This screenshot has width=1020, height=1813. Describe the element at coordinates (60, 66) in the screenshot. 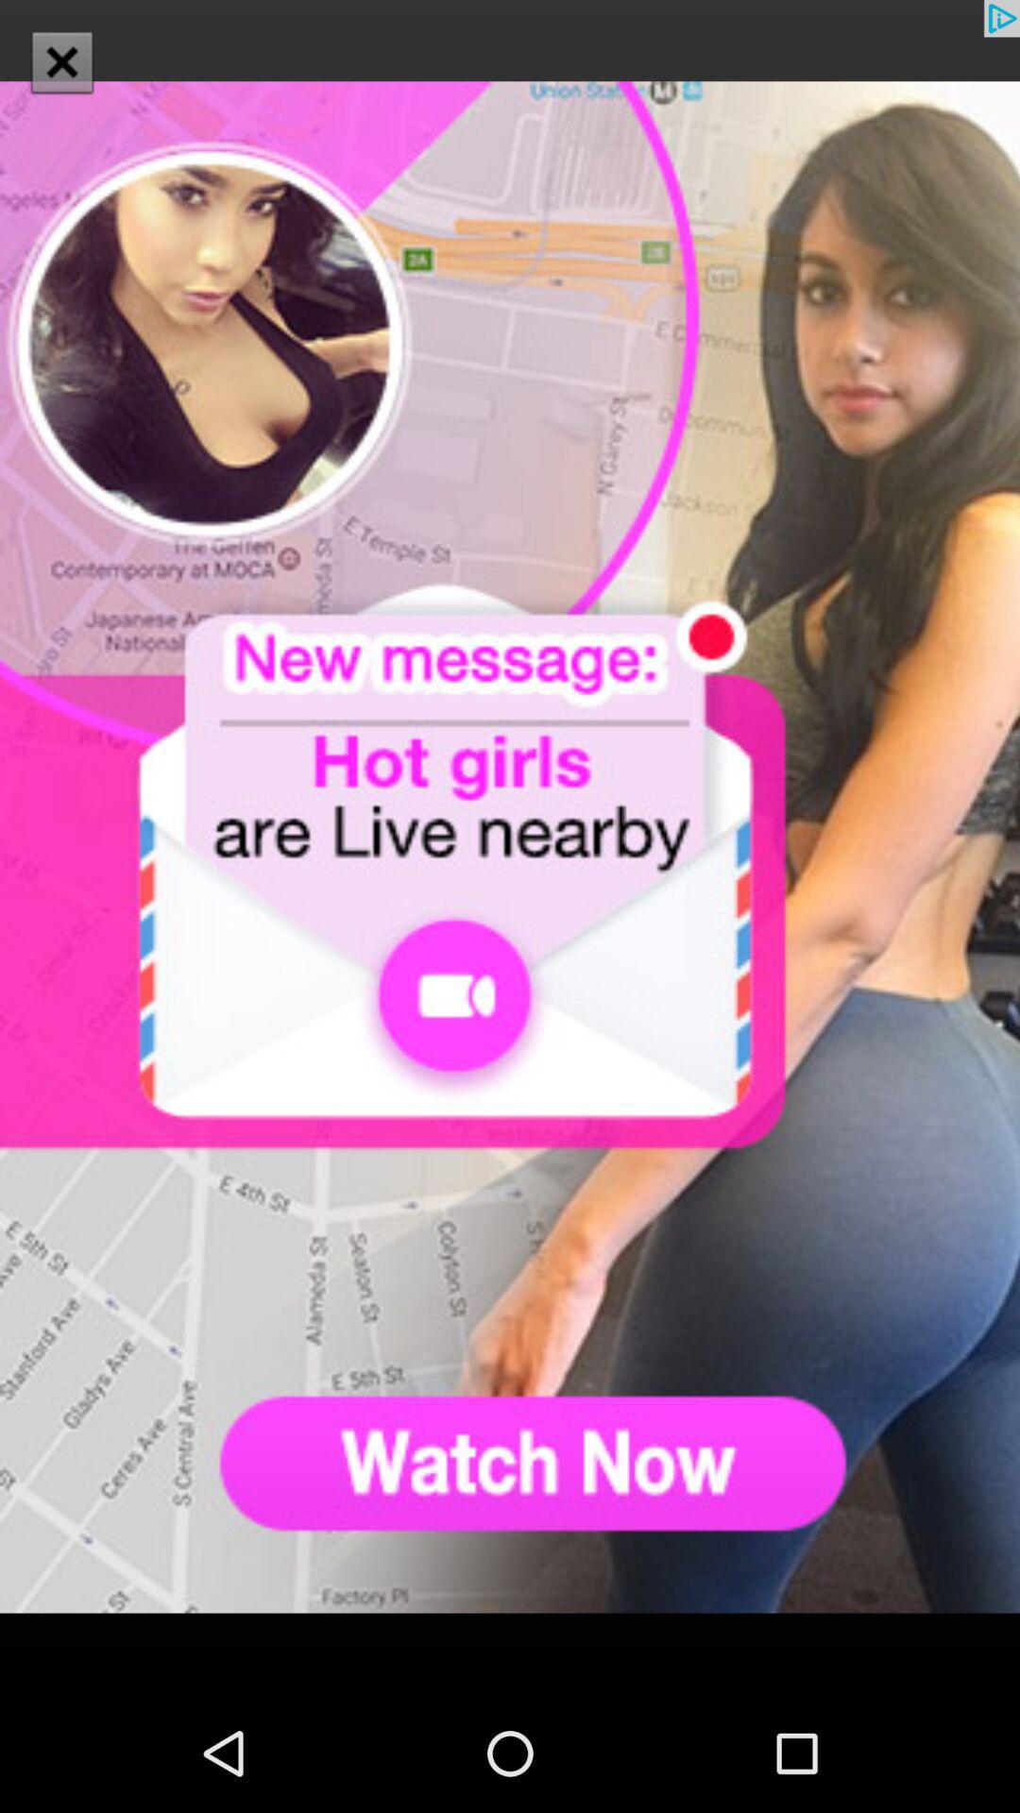

I see `the close icon` at that location.